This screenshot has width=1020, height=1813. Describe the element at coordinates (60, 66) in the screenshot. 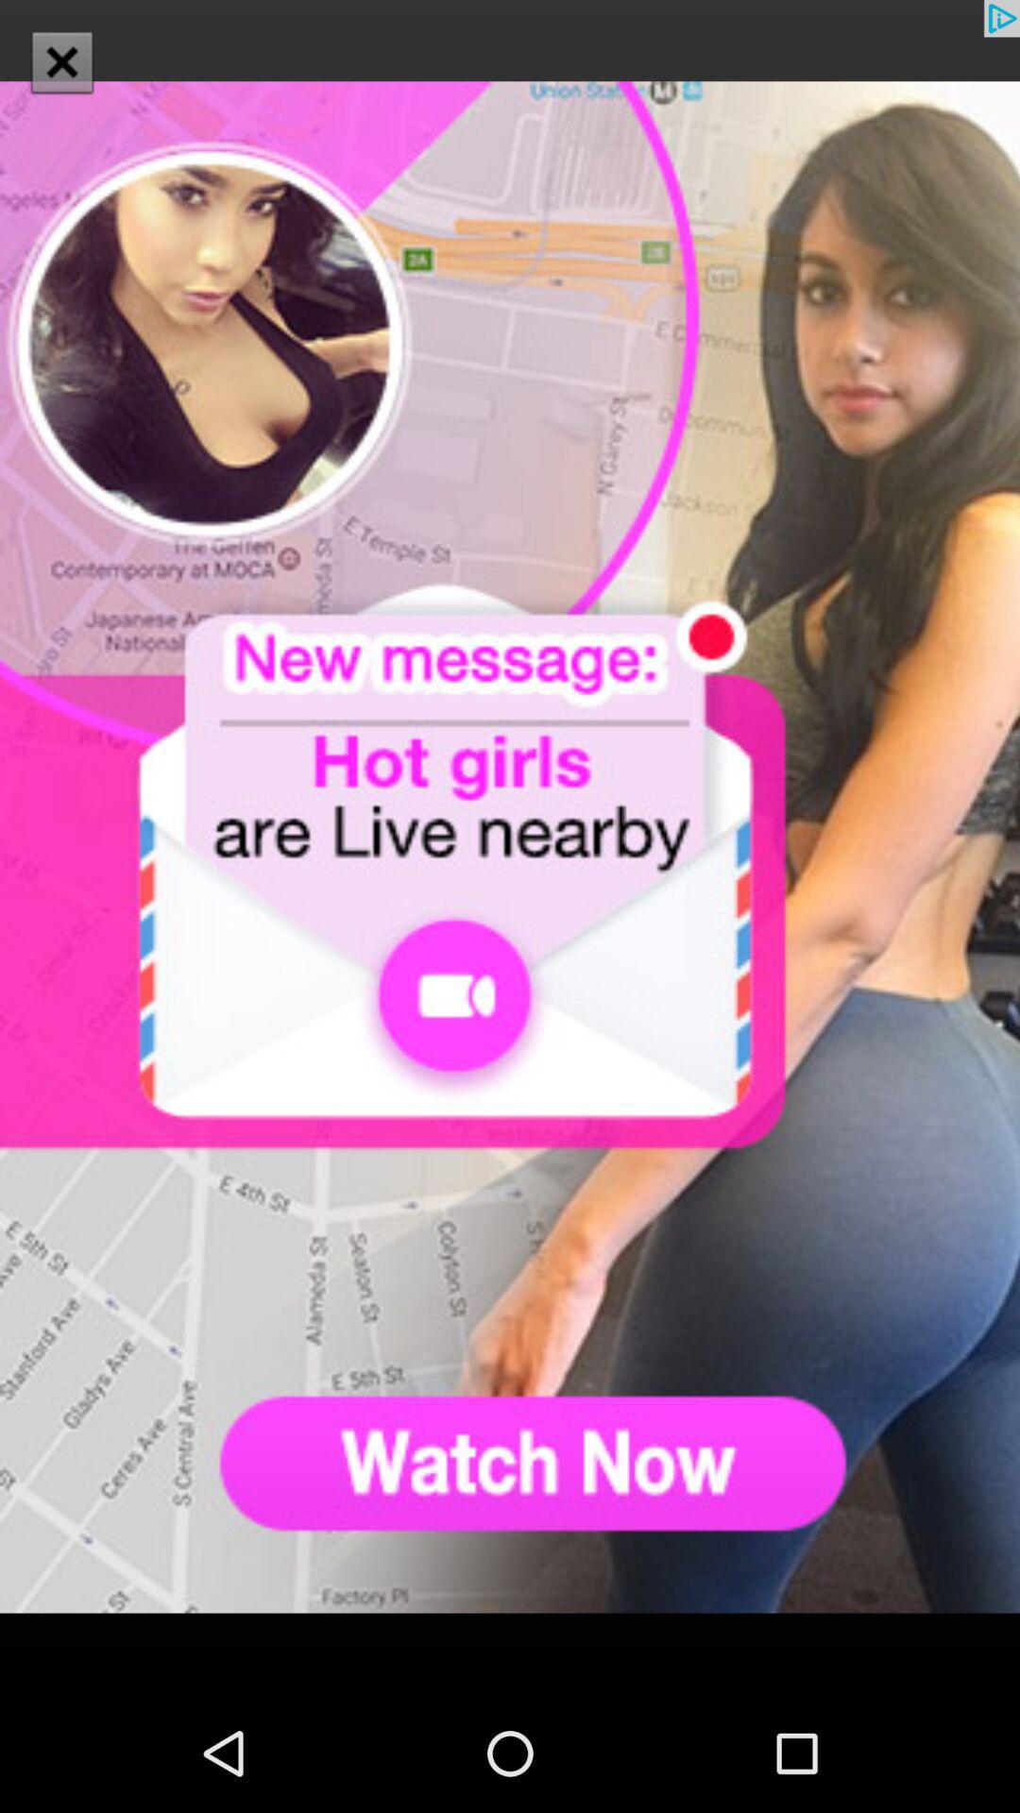

I see `the close icon` at that location.